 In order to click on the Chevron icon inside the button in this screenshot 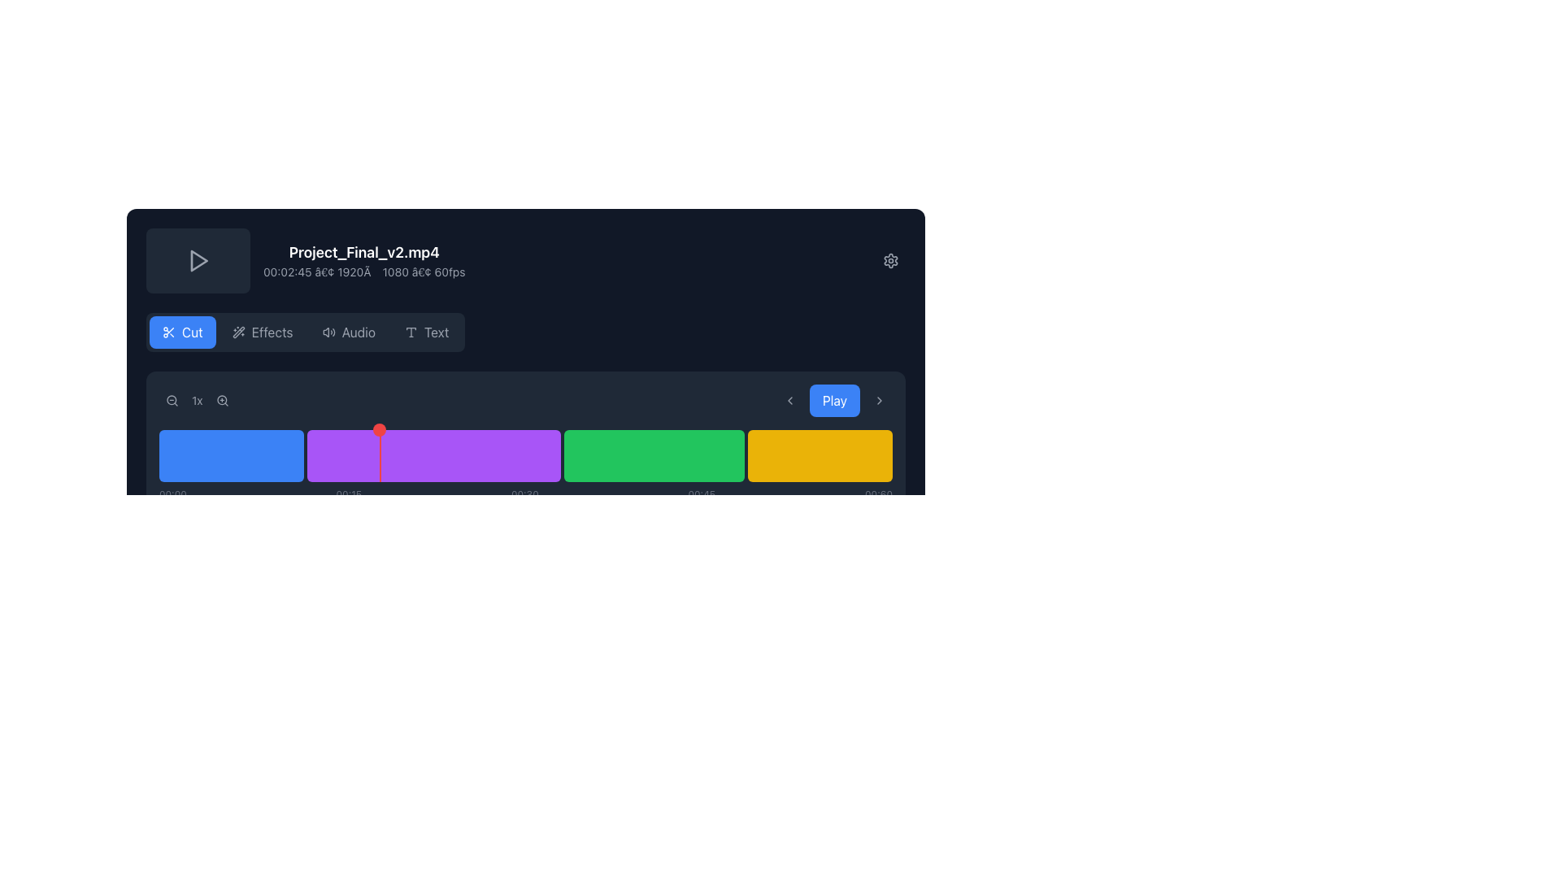, I will do `click(789, 401)`.